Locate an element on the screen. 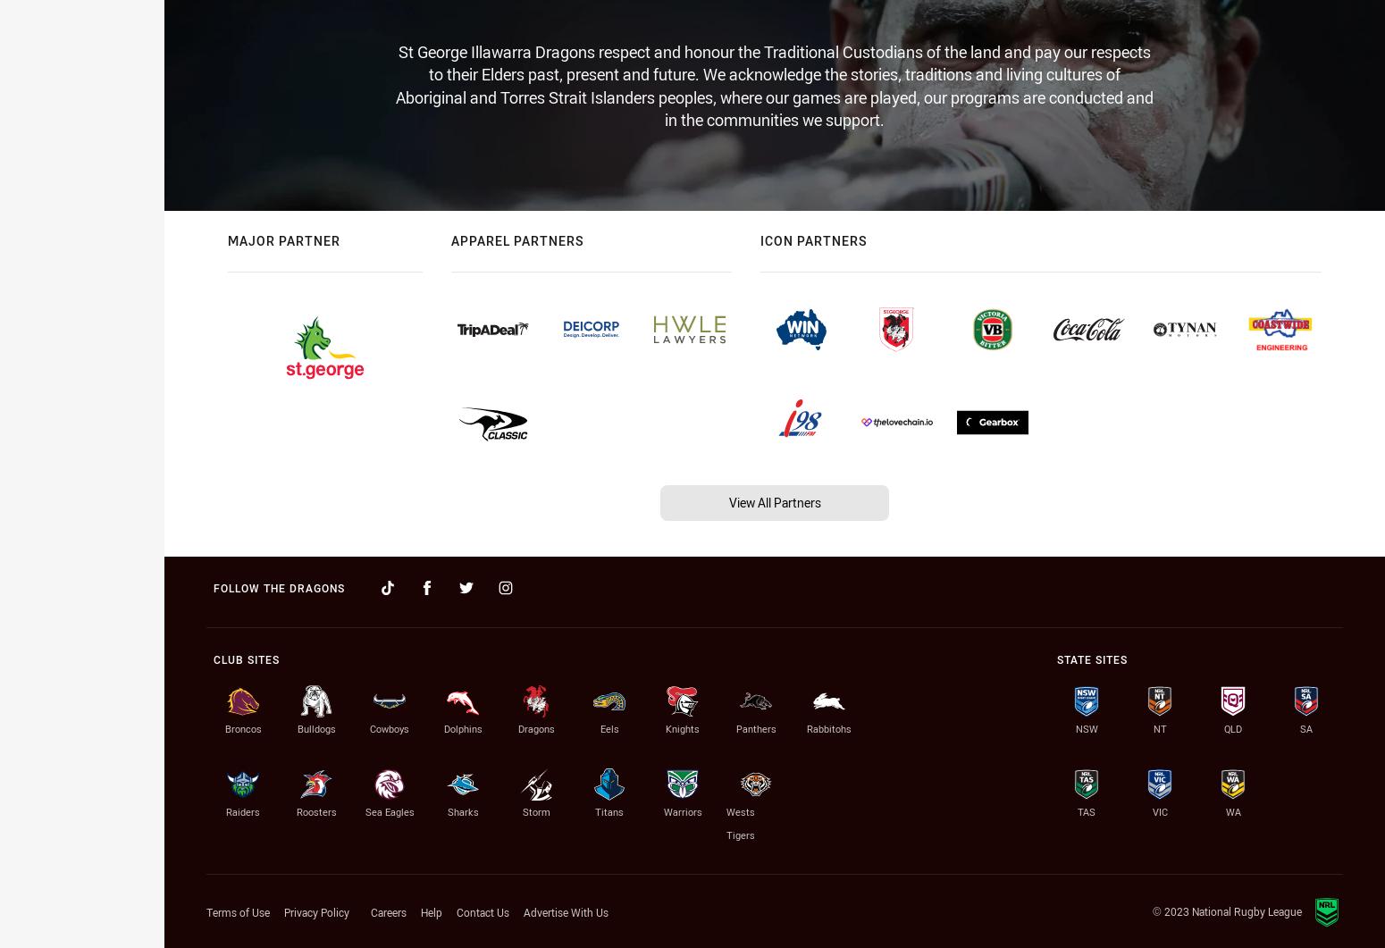  'Privacy Policy' is located at coordinates (315, 911).